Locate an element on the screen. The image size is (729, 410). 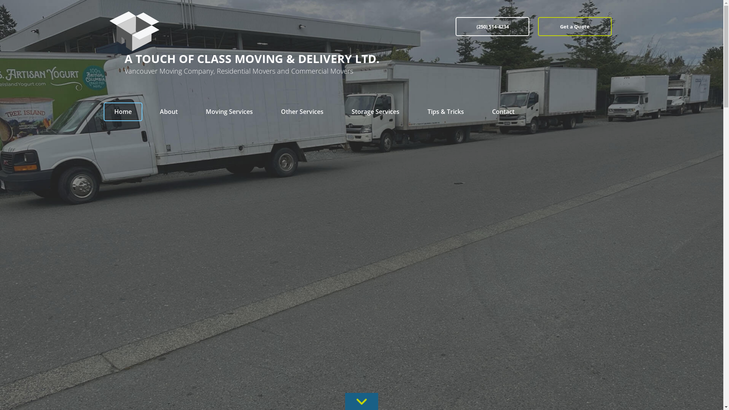
'Home' is located at coordinates (122, 112).